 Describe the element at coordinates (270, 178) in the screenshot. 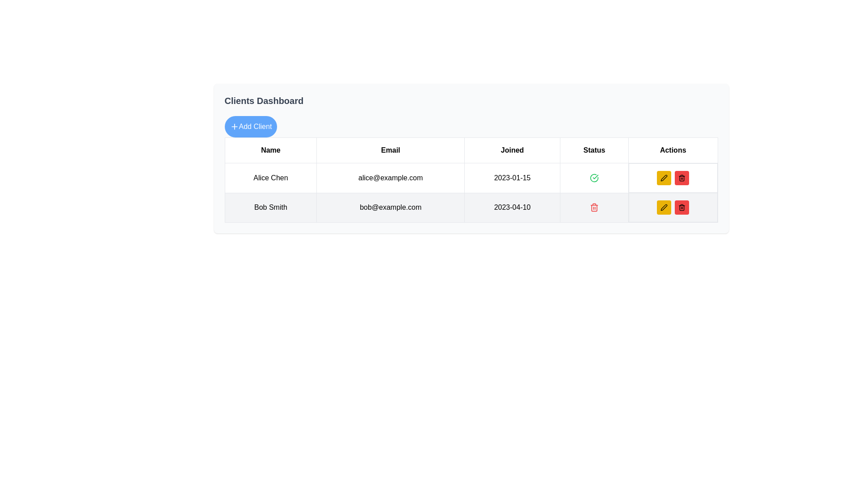

I see `the content of the text display block showing 'Alice Chen' in the second row, first column of the dashboard table` at that location.